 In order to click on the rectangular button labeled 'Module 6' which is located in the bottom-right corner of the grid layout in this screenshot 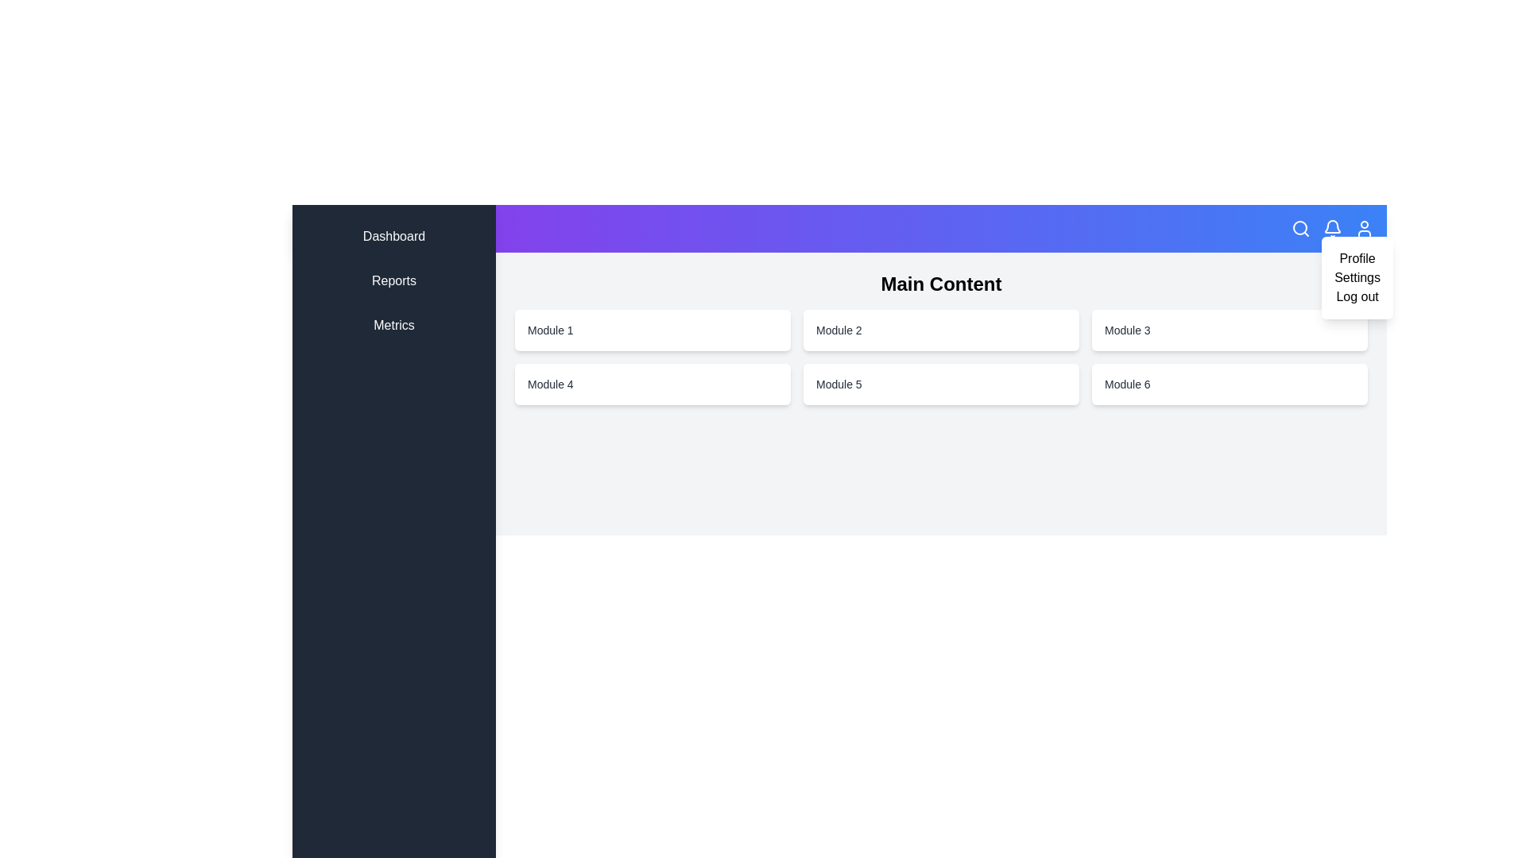, I will do `click(1229, 384)`.